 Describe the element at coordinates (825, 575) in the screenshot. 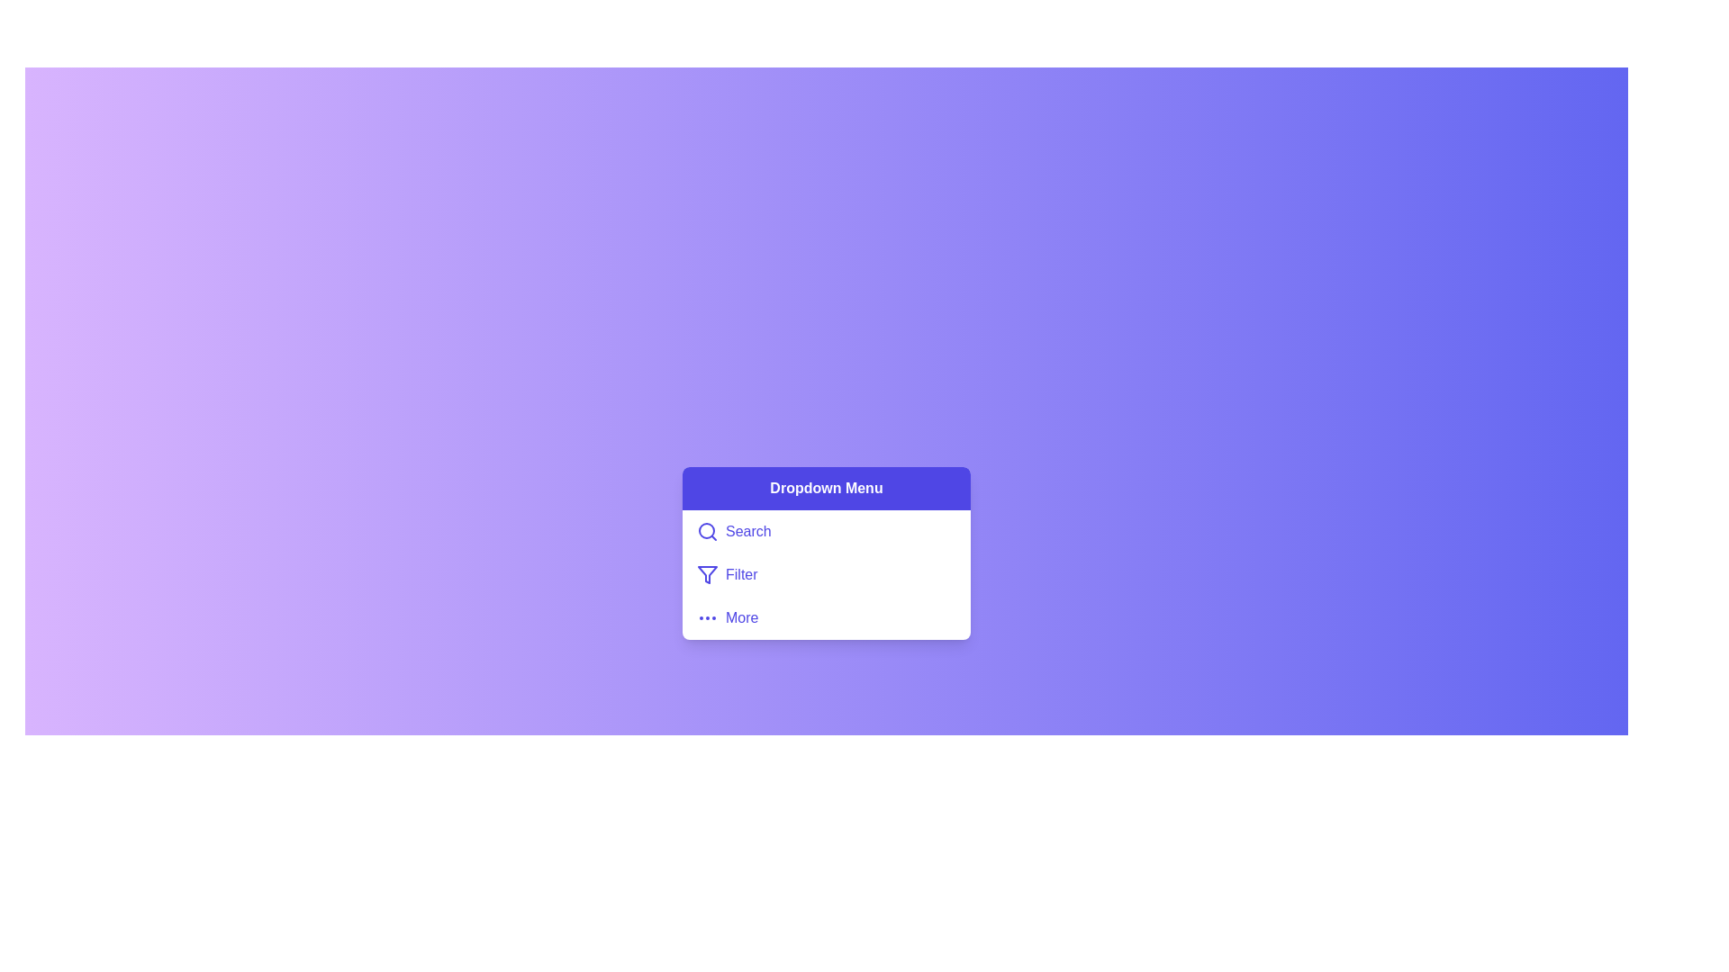

I see `the menu item Filter to perform its associated action` at that location.